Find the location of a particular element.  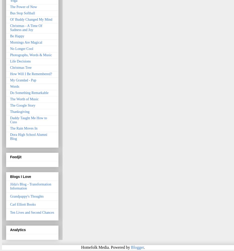

'Bus Stop Softball' is located at coordinates (22, 13).